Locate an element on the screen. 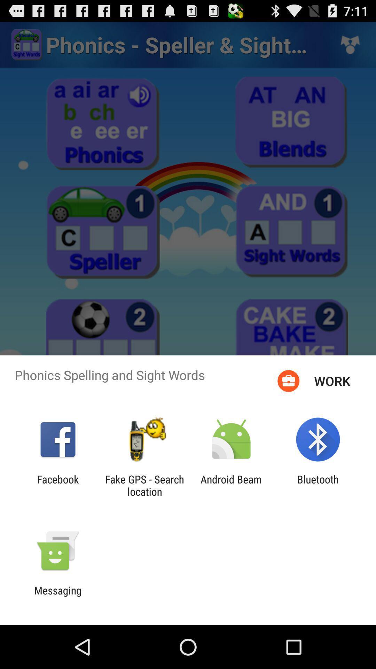 This screenshot has width=376, height=669. item next to the fake gps search item is located at coordinates (231, 485).